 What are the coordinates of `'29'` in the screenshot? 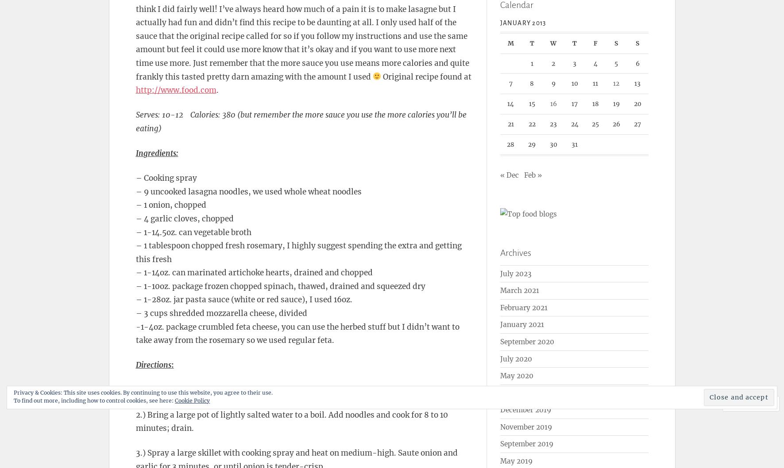 It's located at (532, 143).